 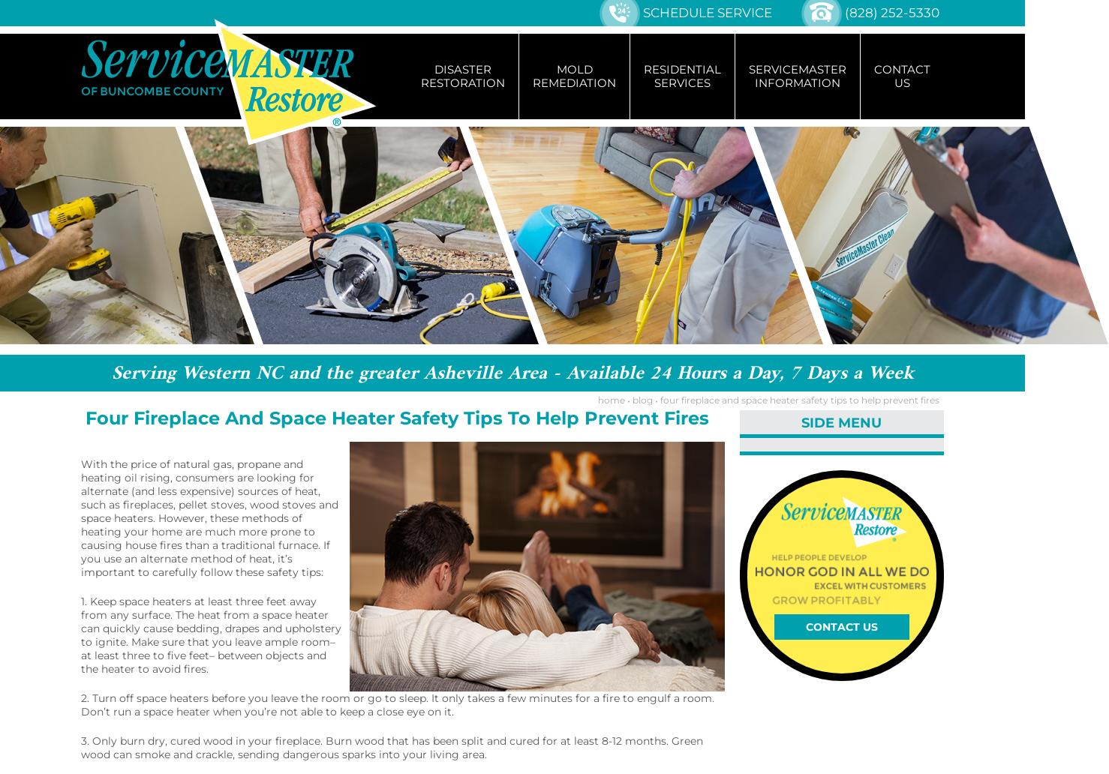 I want to click on '2. Turn off space heaters before you leave the room or go to sleep. It only takes a few minutes for a fire to engulf a room. Don’t run a space heater when you’re not able to keep a close eye on it.', so click(x=81, y=704).